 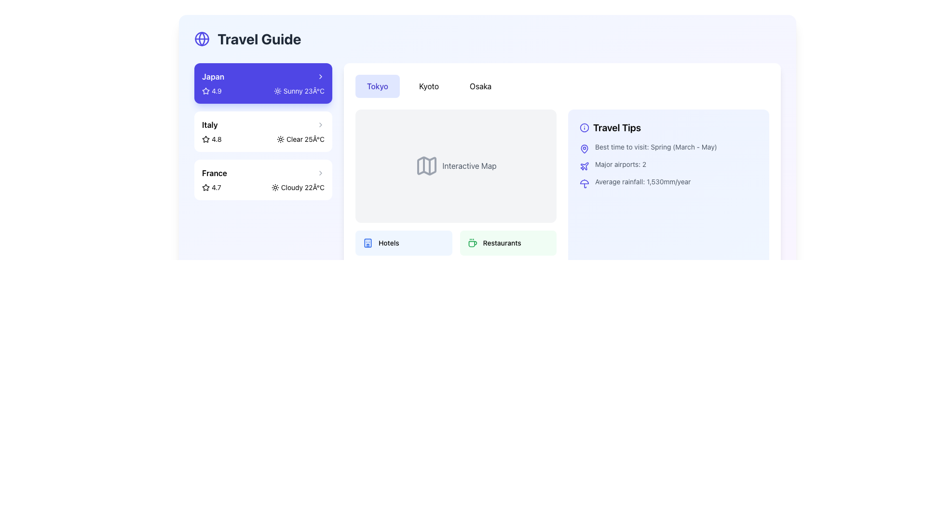 What do you see at coordinates (263, 132) in the screenshot?
I see `the clickable card that provides information about Italy, located between the Japan card and the France card in the left section of the interface` at bounding box center [263, 132].